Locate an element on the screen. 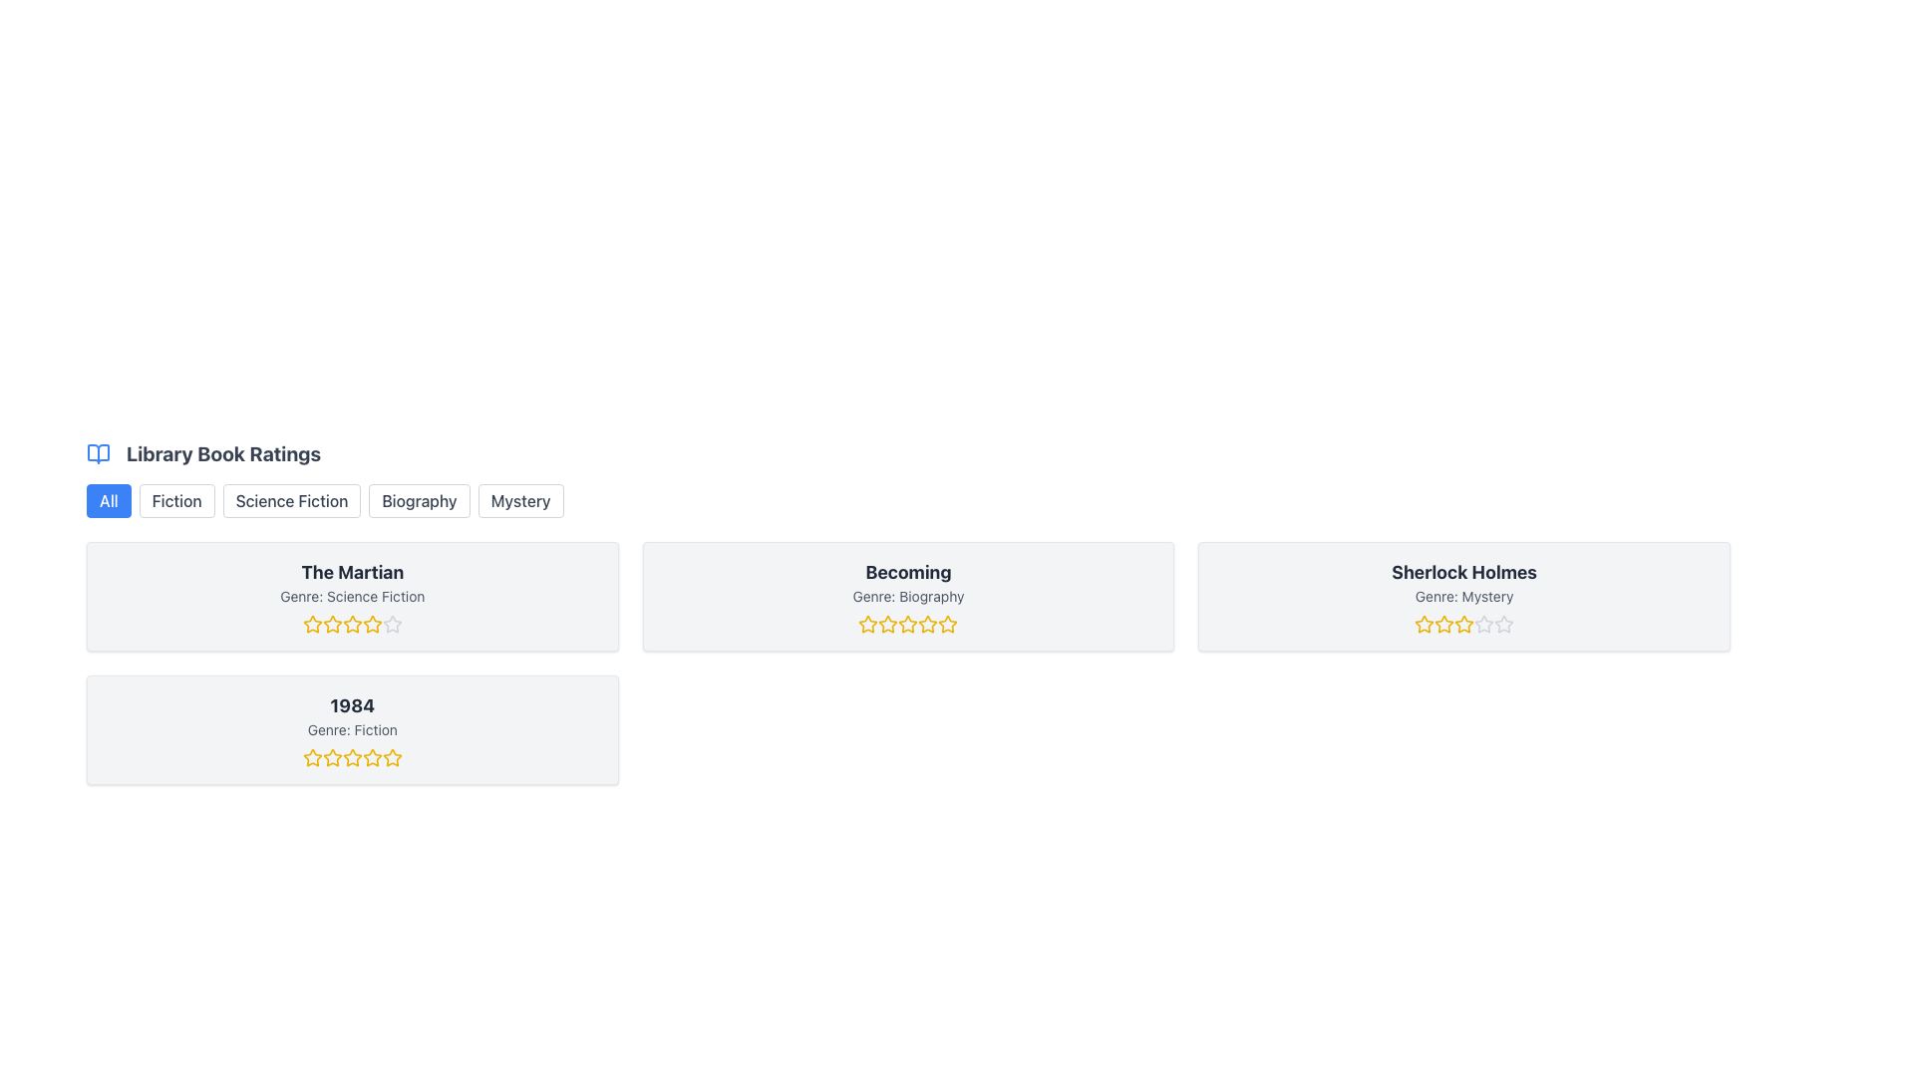 This screenshot has height=1076, width=1914. the Card UI component that features the text 'The Martian' with a subtitle 'Genre: Science Fiction' and a 5-star rating, located in the first column and first row of the grid is located at coordinates (352, 595).